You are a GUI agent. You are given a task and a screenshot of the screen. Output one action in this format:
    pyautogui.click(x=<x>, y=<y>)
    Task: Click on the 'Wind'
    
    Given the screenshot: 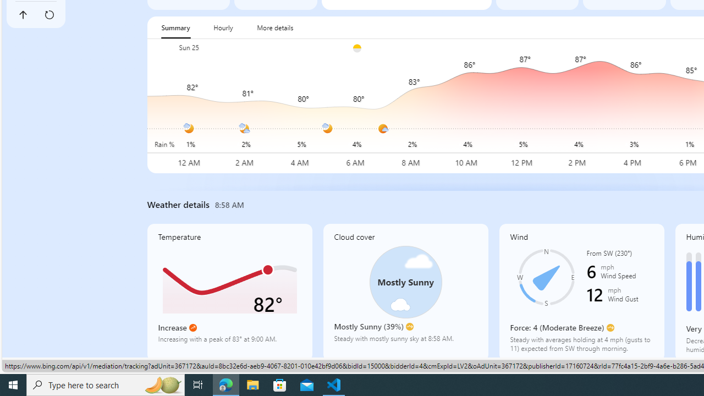 What is the action you would take?
    pyautogui.click(x=581, y=291)
    